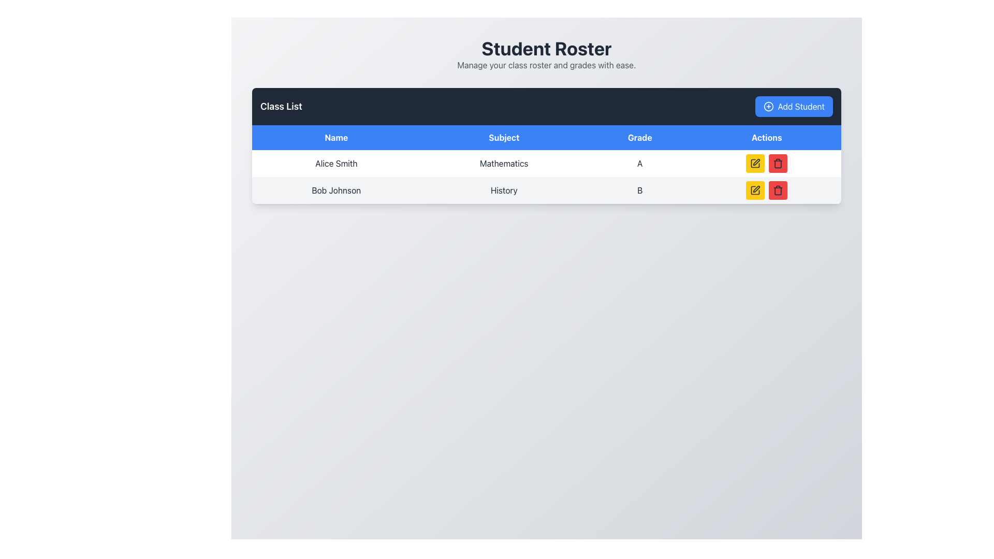 This screenshot has width=994, height=559. What do you see at coordinates (778, 190) in the screenshot?
I see `the trash can icon, which is the second element in the 'Actions' column of the second row of the table` at bounding box center [778, 190].